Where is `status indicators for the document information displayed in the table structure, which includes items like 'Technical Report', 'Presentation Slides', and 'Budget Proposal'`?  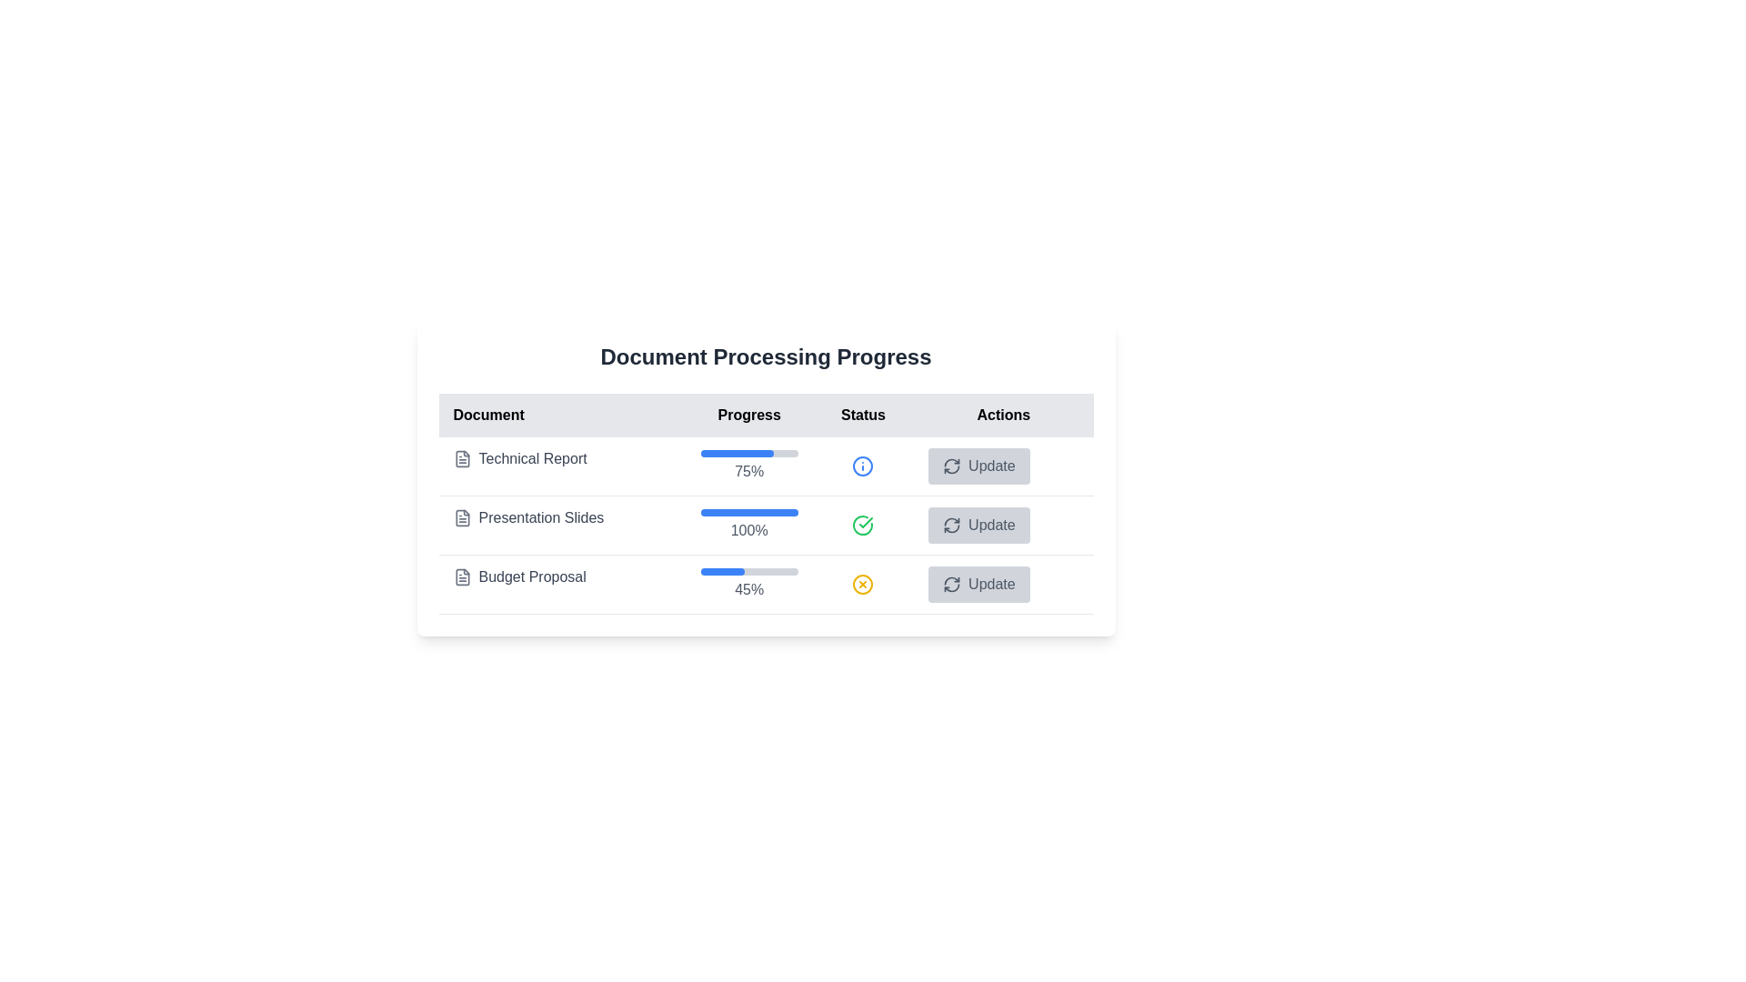 status indicators for the document information displayed in the table structure, which includes items like 'Technical Report', 'Presentation Slides', and 'Budget Proposal' is located at coordinates (766, 504).